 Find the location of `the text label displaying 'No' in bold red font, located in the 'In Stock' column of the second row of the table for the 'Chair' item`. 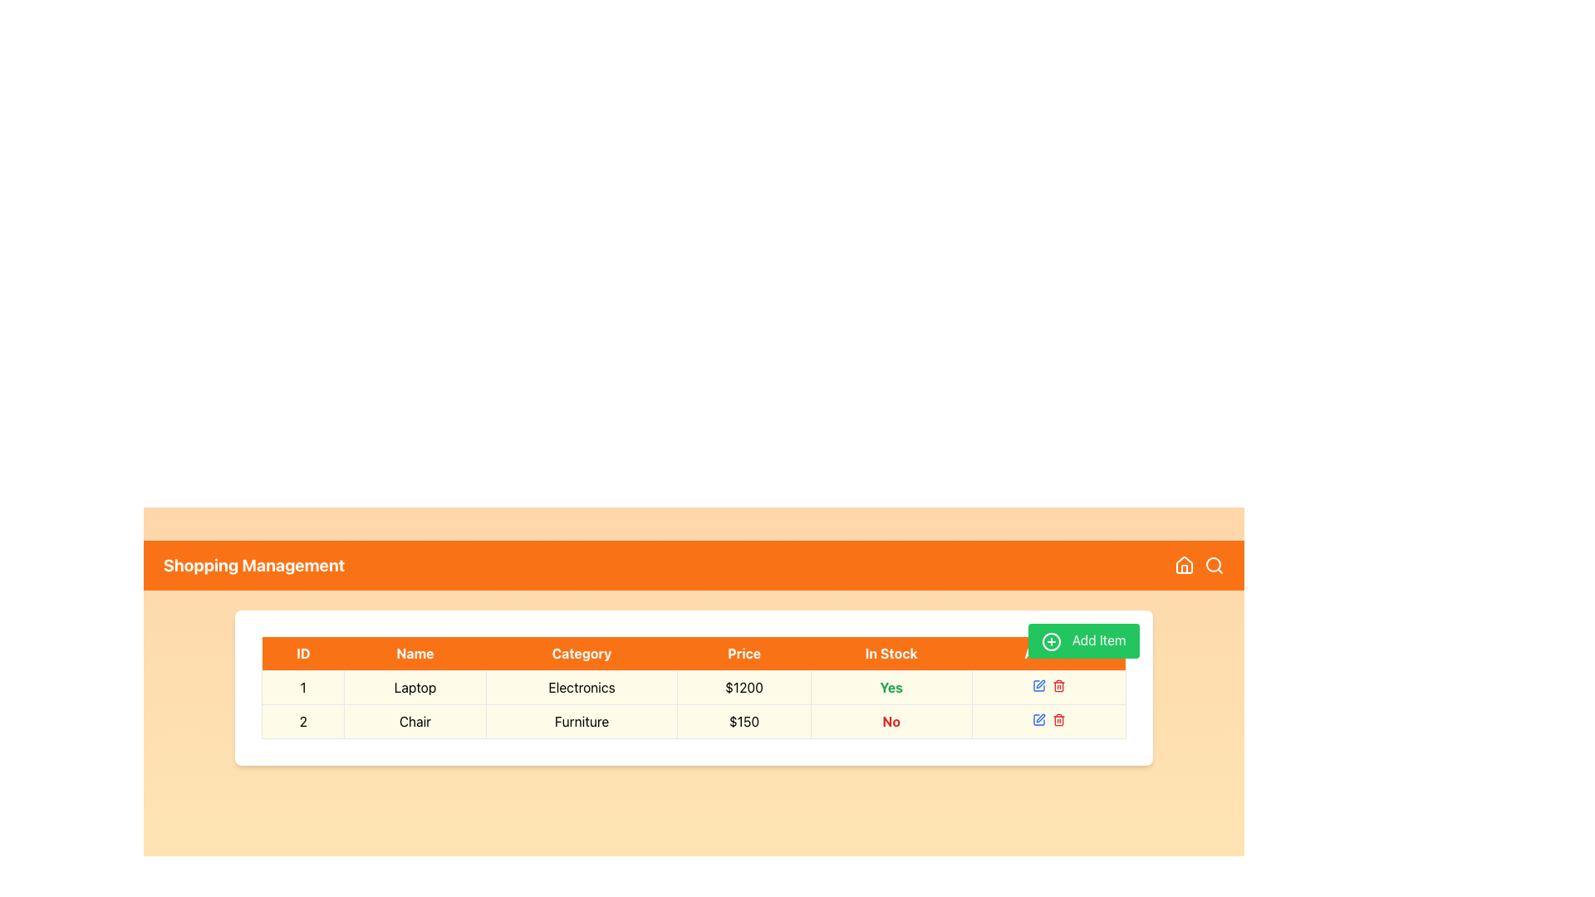

the text label displaying 'No' in bold red font, located in the 'In Stock' column of the second row of the table for the 'Chair' item is located at coordinates (891, 720).